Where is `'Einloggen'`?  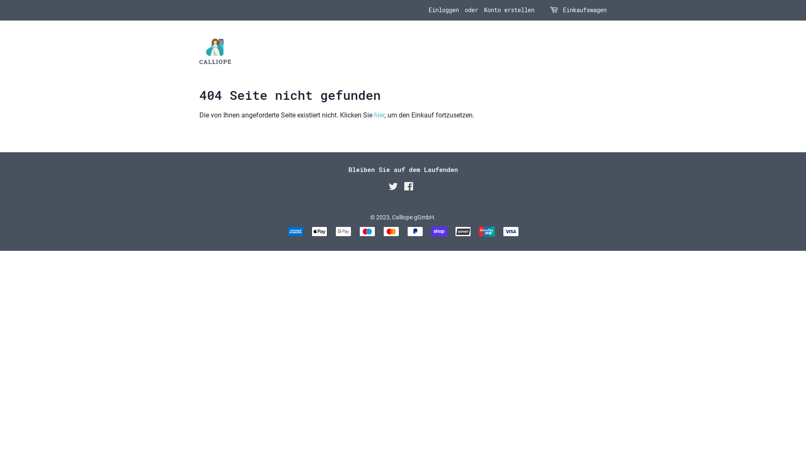
'Einloggen' is located at coordinates (443, 10).